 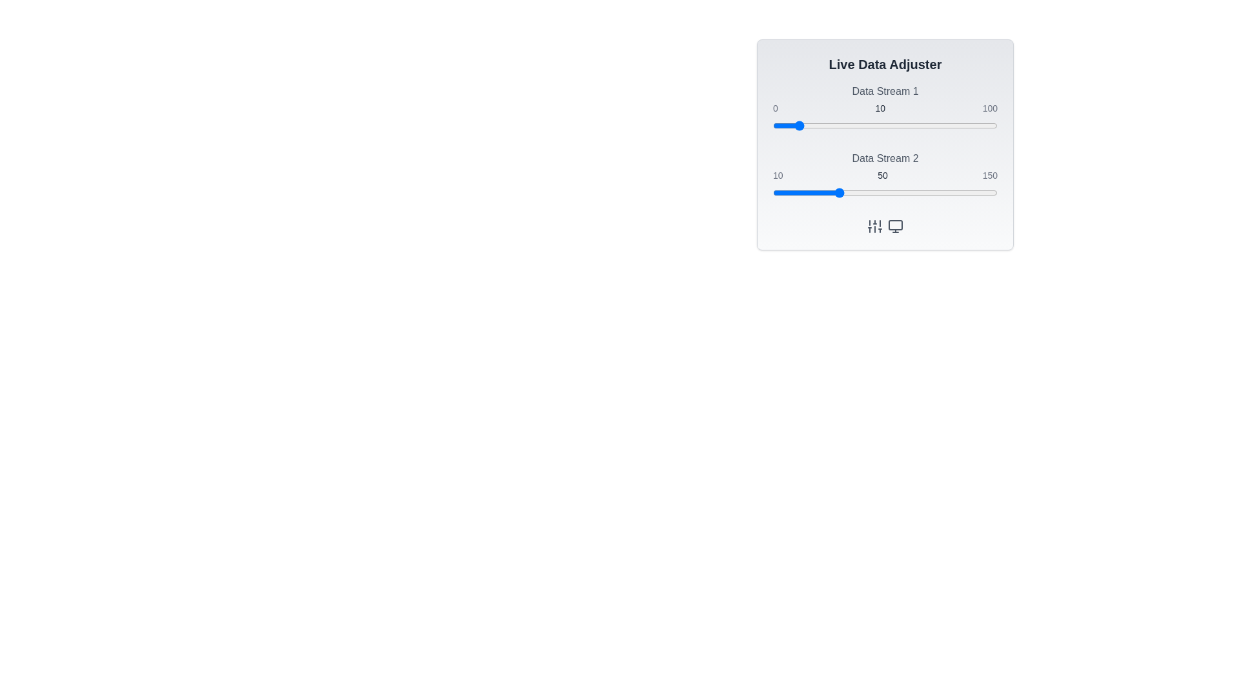 I want to click on the slider, so click(x=925, y=126).